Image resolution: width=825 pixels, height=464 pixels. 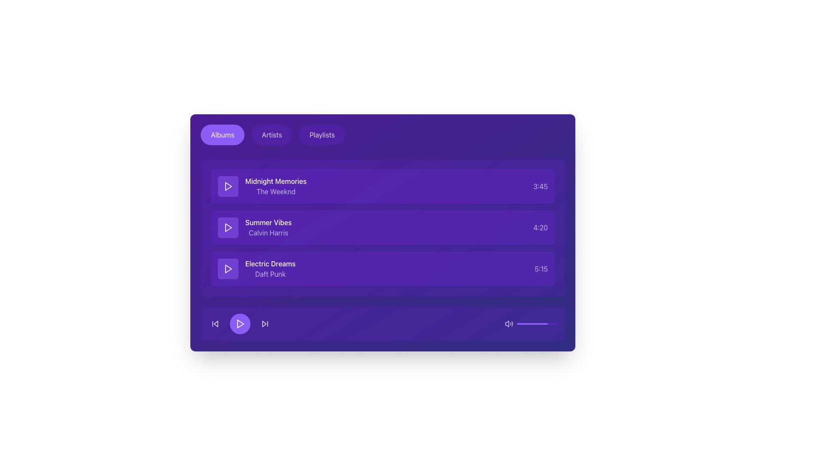 I want to click on the 'skip forward' button icon, which is a compact representation with a purple hue and an arrow shape, located at the bottom right of the player controls to skip to the next item, so click(x=265, y=324).